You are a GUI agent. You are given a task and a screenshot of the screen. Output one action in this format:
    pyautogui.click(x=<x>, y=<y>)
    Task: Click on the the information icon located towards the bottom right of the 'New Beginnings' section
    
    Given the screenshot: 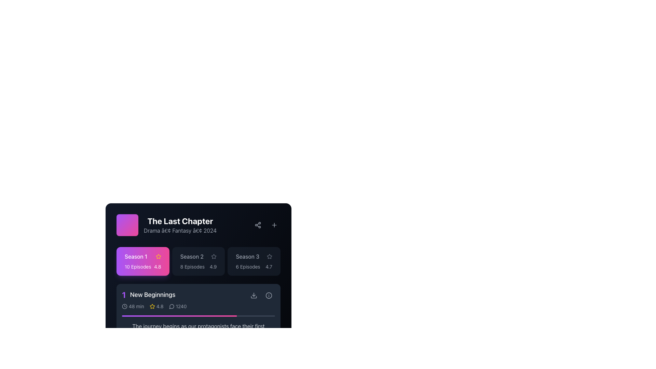 What is the action you would take?
    pyautogui.click(x=269, y=295)
    